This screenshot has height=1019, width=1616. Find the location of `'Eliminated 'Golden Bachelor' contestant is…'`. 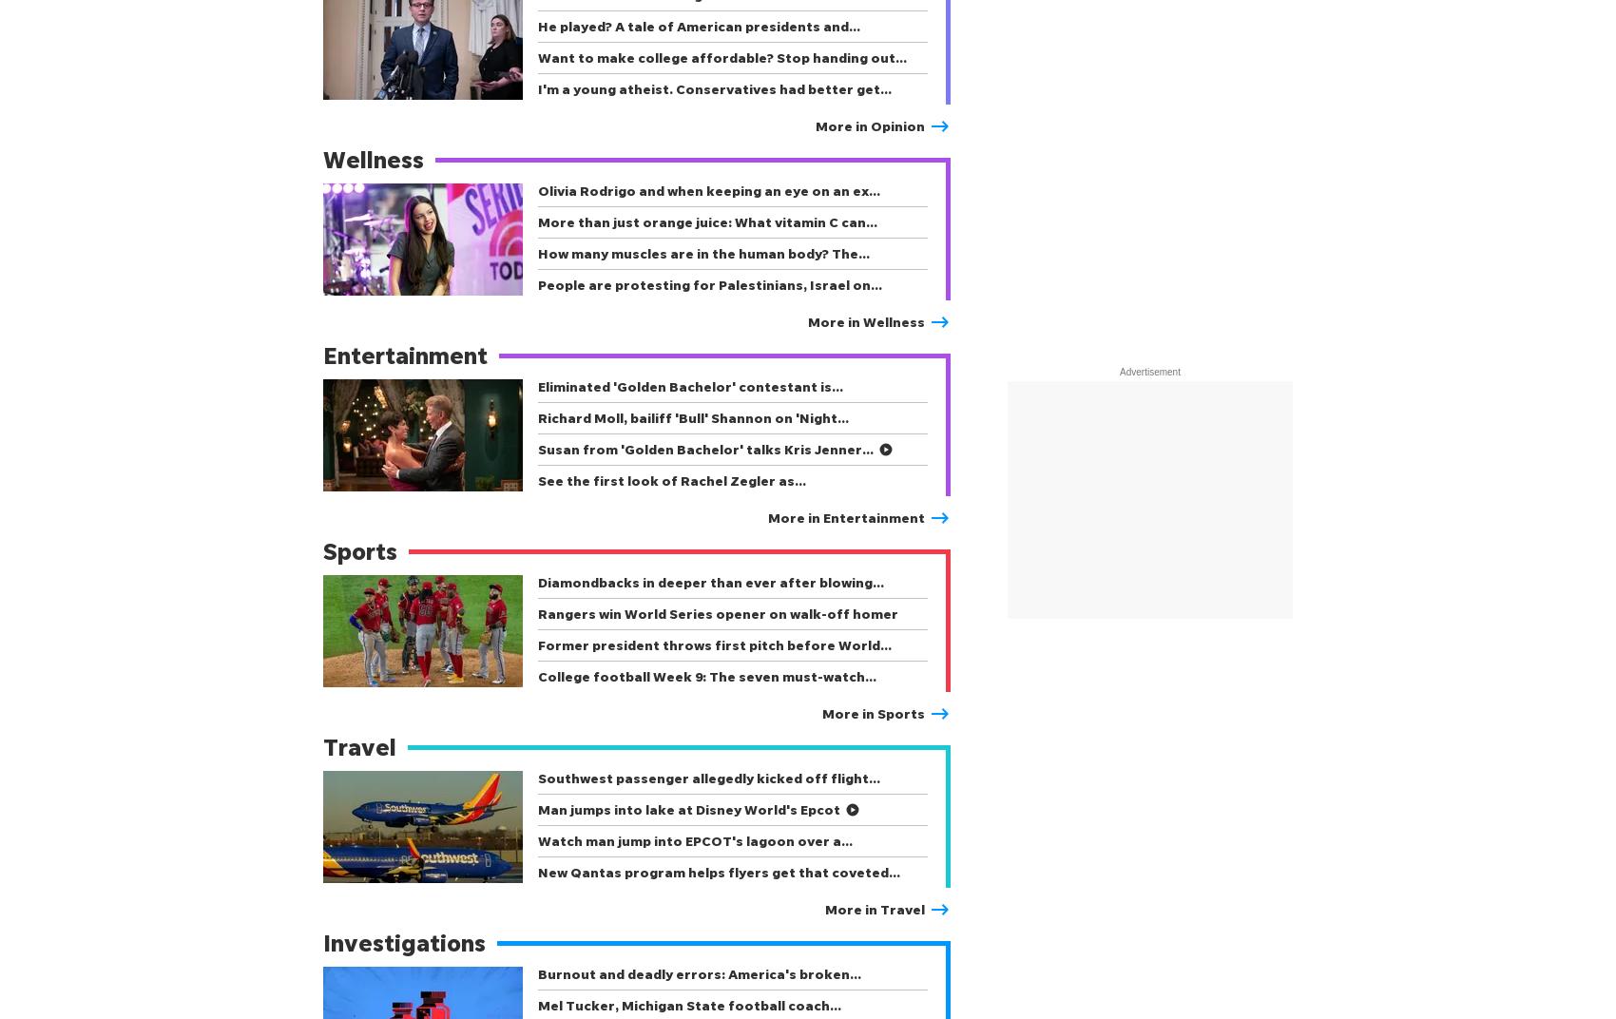

'Eliminated 'Golden Bachelor' contestant is…' is located at coordinates (536, 385).